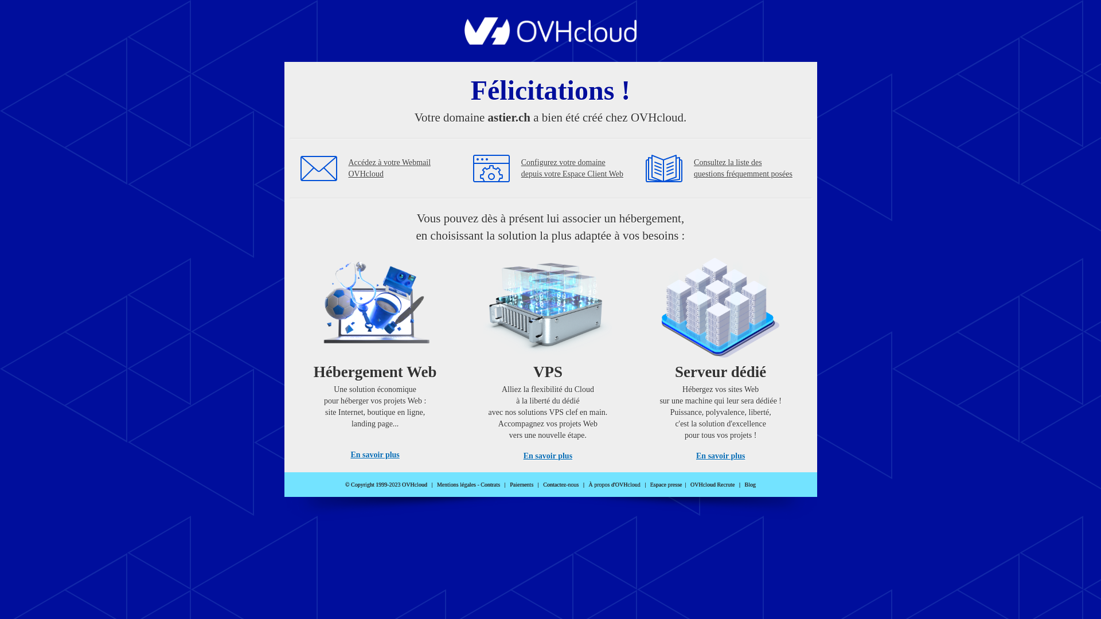 The image size is (1101, 619). What do you see at coordinates (666, 484) in the screenshot?
I see `'Espace presse'` at bounding box center [666, 484].